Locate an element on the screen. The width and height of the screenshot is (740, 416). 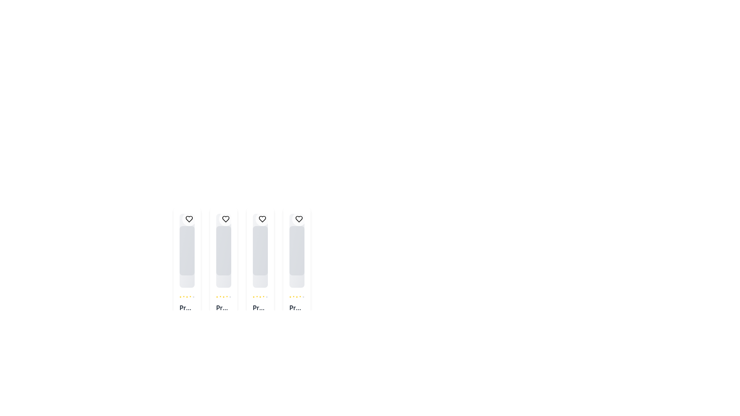
the visual state of the fifth gray star icon in the rating system, indicating it is not active or selected is located at coordinates (230, 297).